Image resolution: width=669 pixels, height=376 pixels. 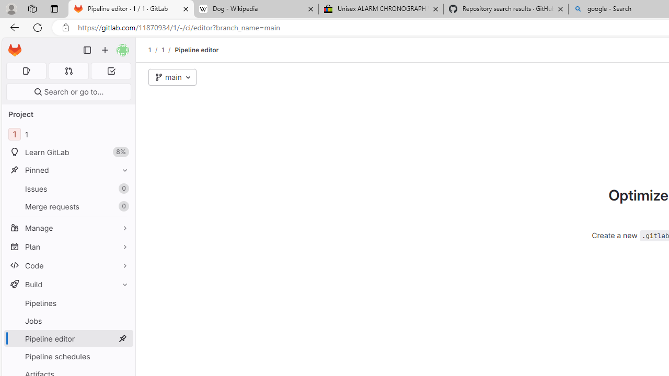 What do you see at coordinates (68, 227) in the screenshot?
I see `'Manage'` at bounding box center [68, 227].